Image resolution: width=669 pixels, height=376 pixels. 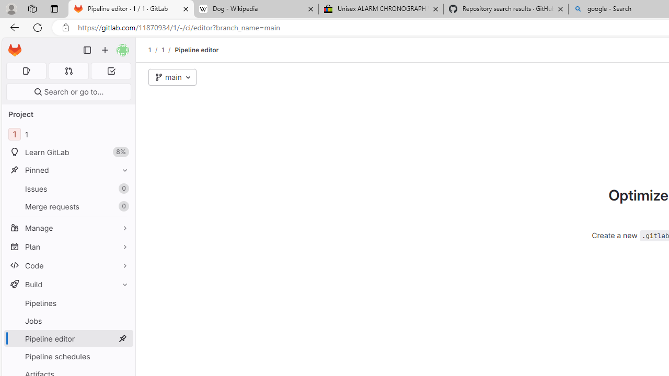 What do you see at coordinates (68, 227) in the screenshot?
I see `'Manage'` at bounding box center [68, 227].